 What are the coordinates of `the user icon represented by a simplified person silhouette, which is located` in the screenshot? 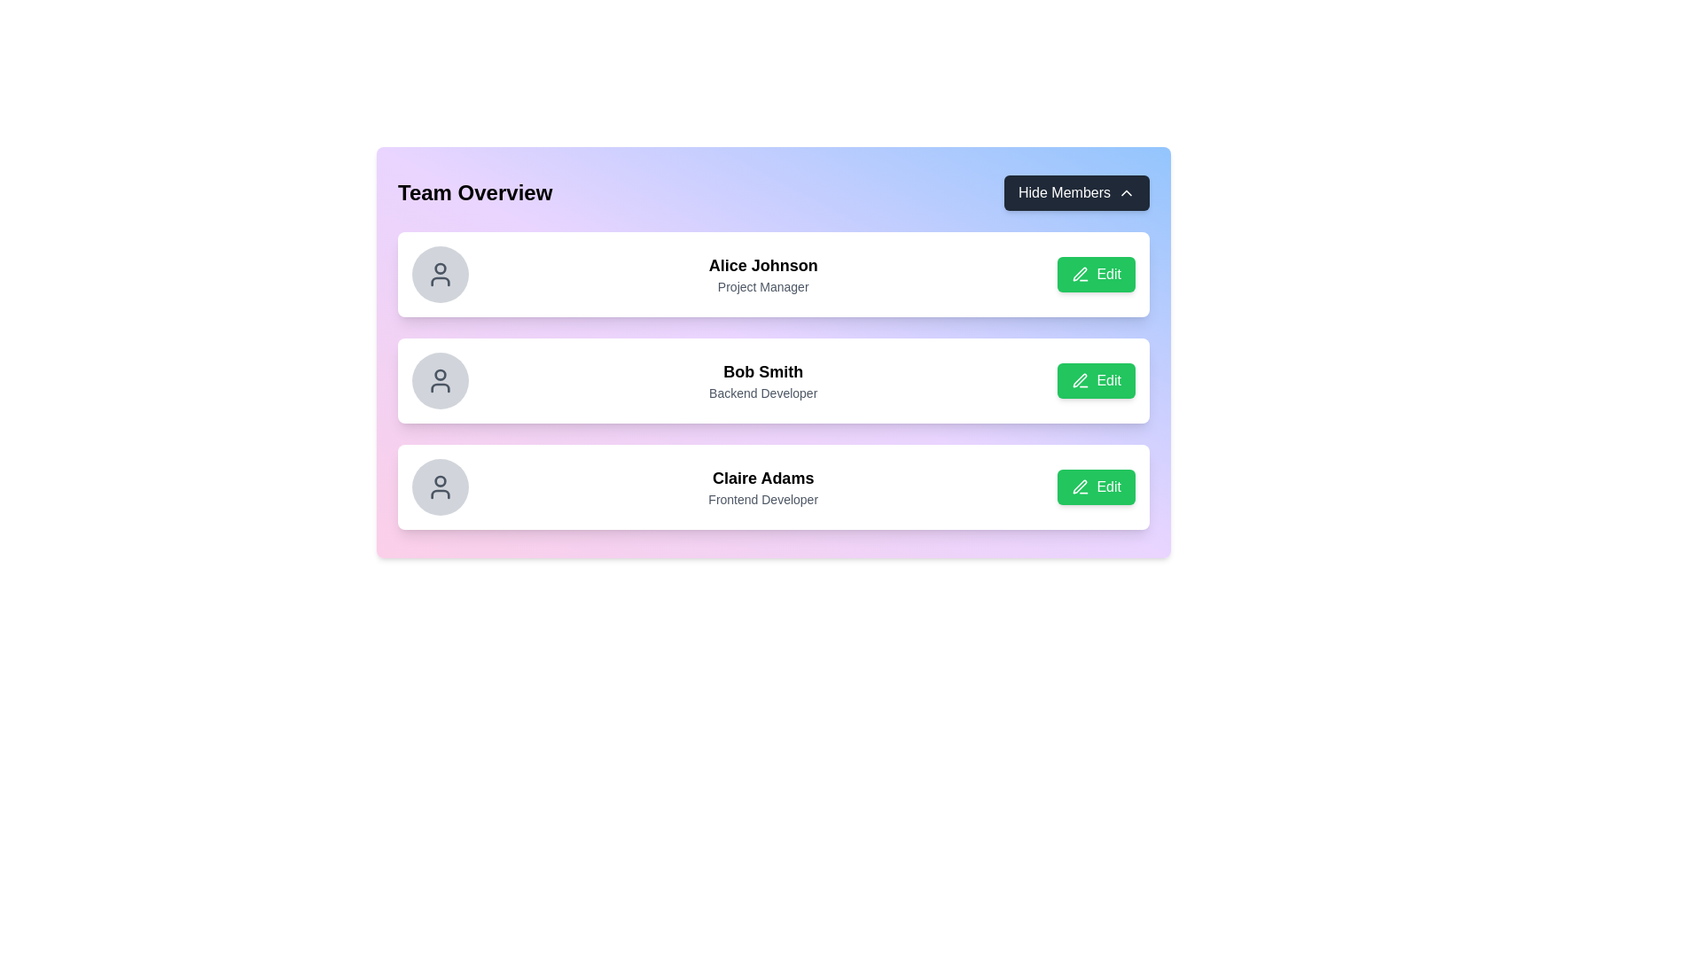 It's located at (441, 379).